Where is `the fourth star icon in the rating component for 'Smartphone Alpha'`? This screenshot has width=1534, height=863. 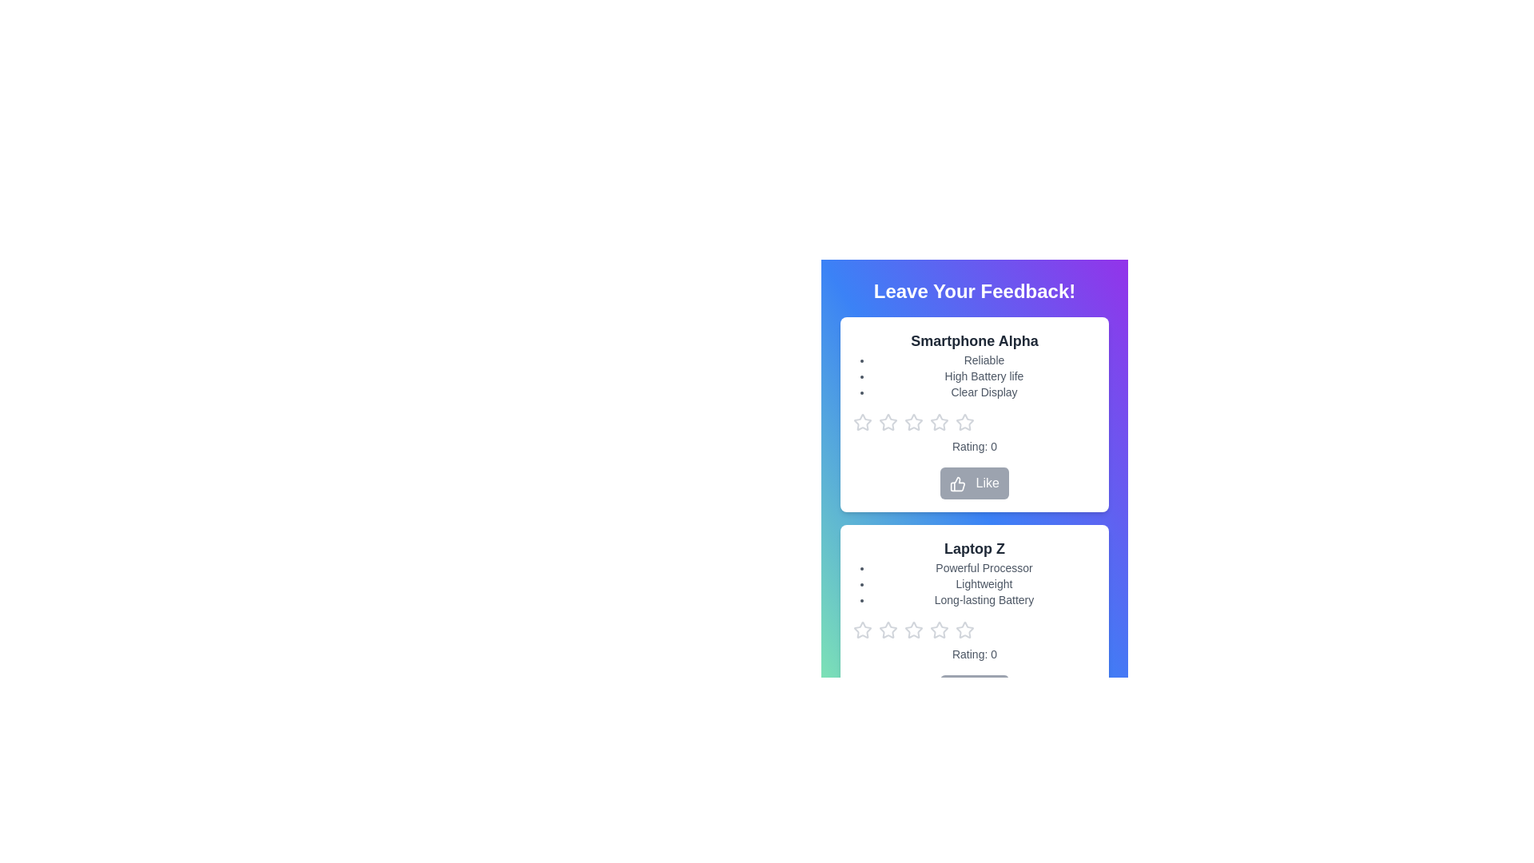 the fourth star icon in the rating component for 'Smartphone Alpha' is located at coordinates (964, 421).